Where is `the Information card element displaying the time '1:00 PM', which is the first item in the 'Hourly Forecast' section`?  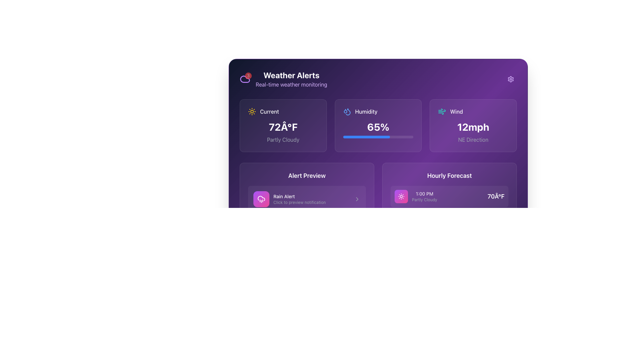
the Information card element displaying the time '1:00 PM', which is the first item in the 'Hourly Forecast' section is located at coordinates (449, 196).